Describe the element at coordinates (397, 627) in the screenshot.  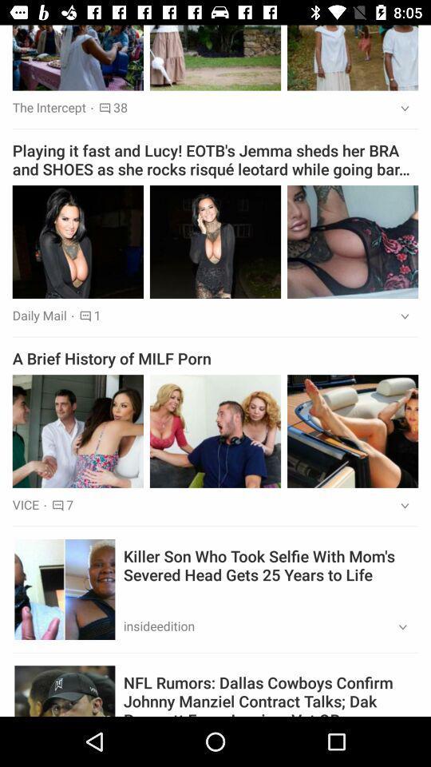
I see `the app above the nfl rumors dallas icon` at that location.